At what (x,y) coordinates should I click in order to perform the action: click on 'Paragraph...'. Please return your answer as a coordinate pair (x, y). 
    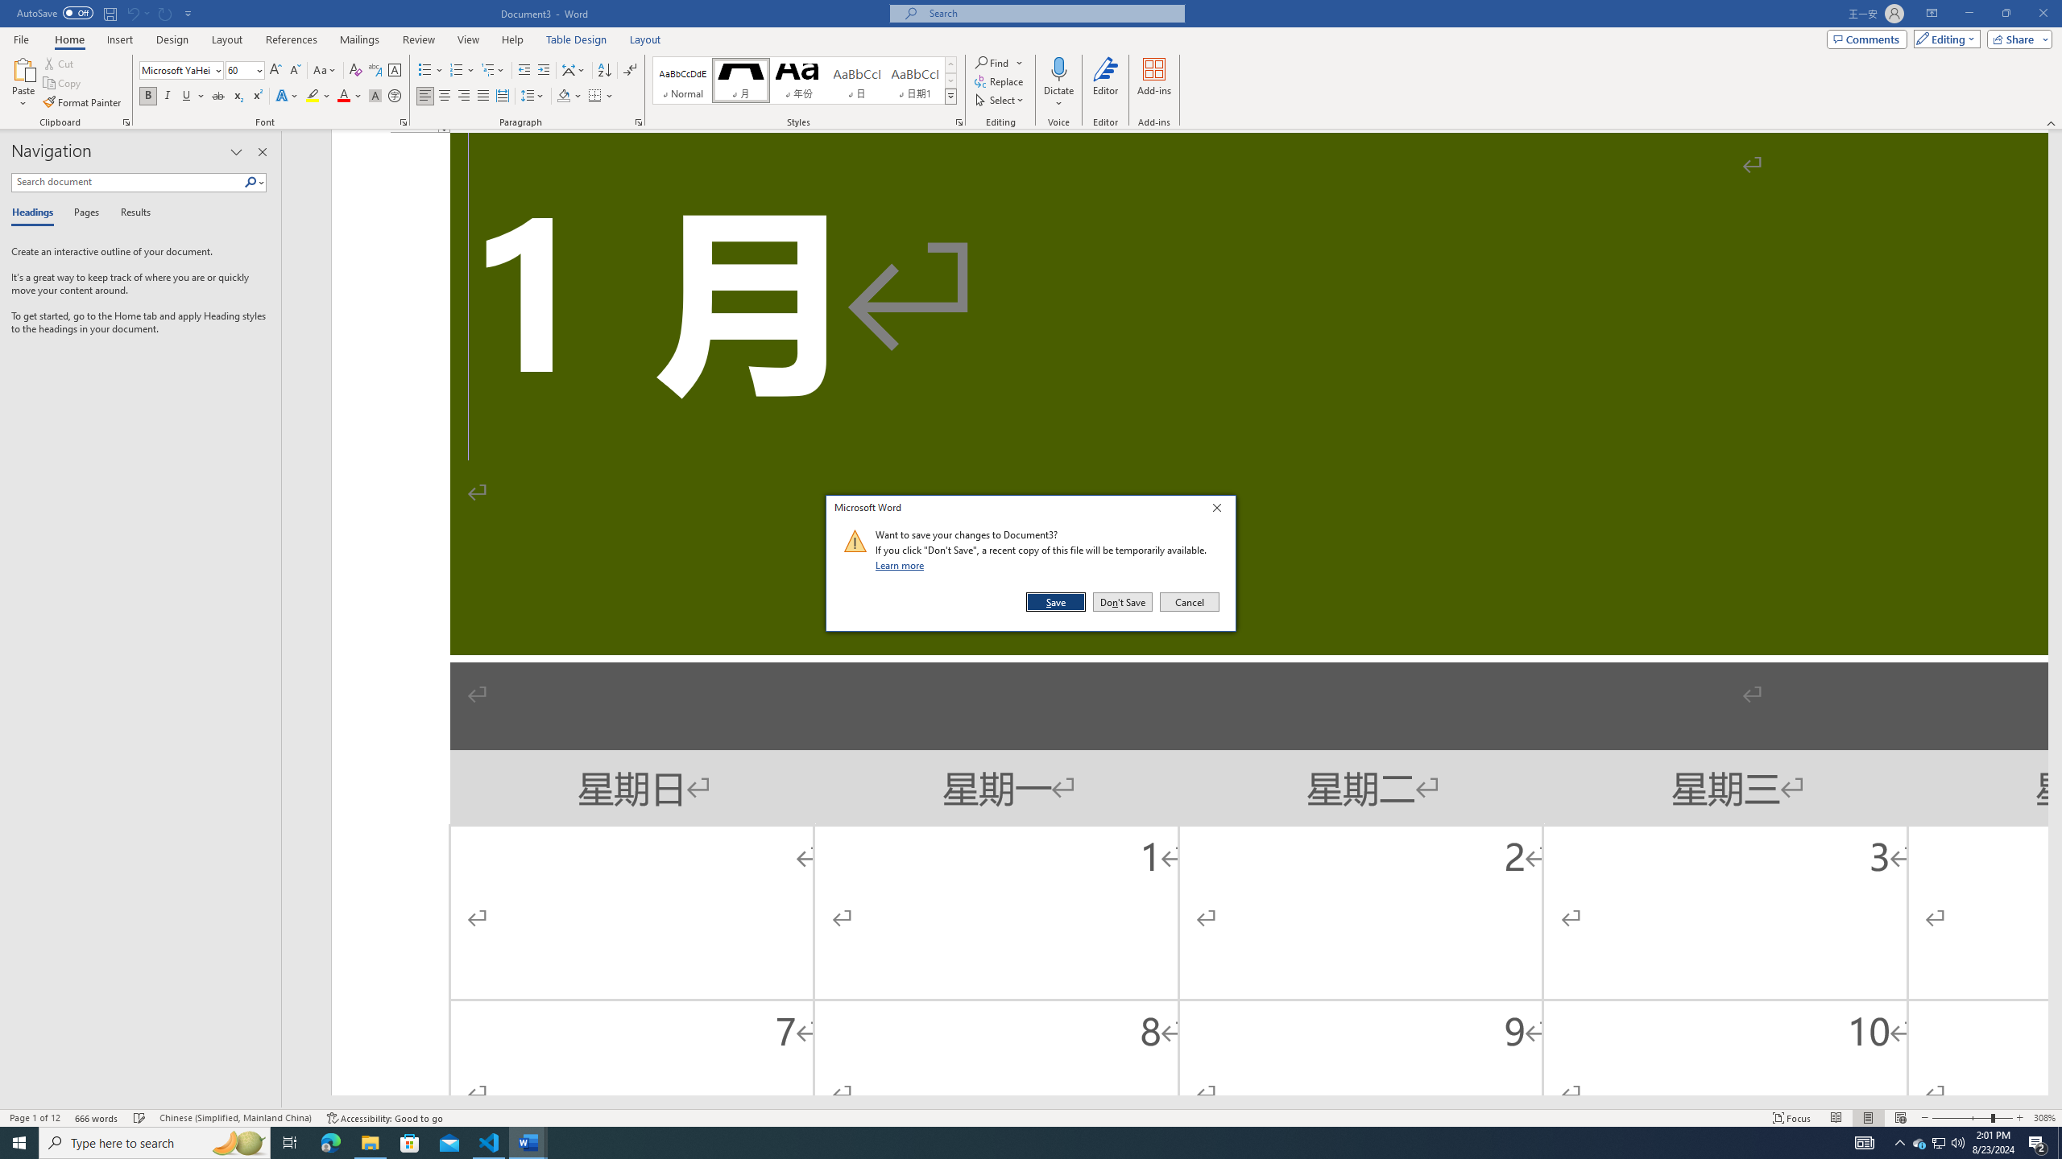
    Looking at the image, I should click on (638, 121).